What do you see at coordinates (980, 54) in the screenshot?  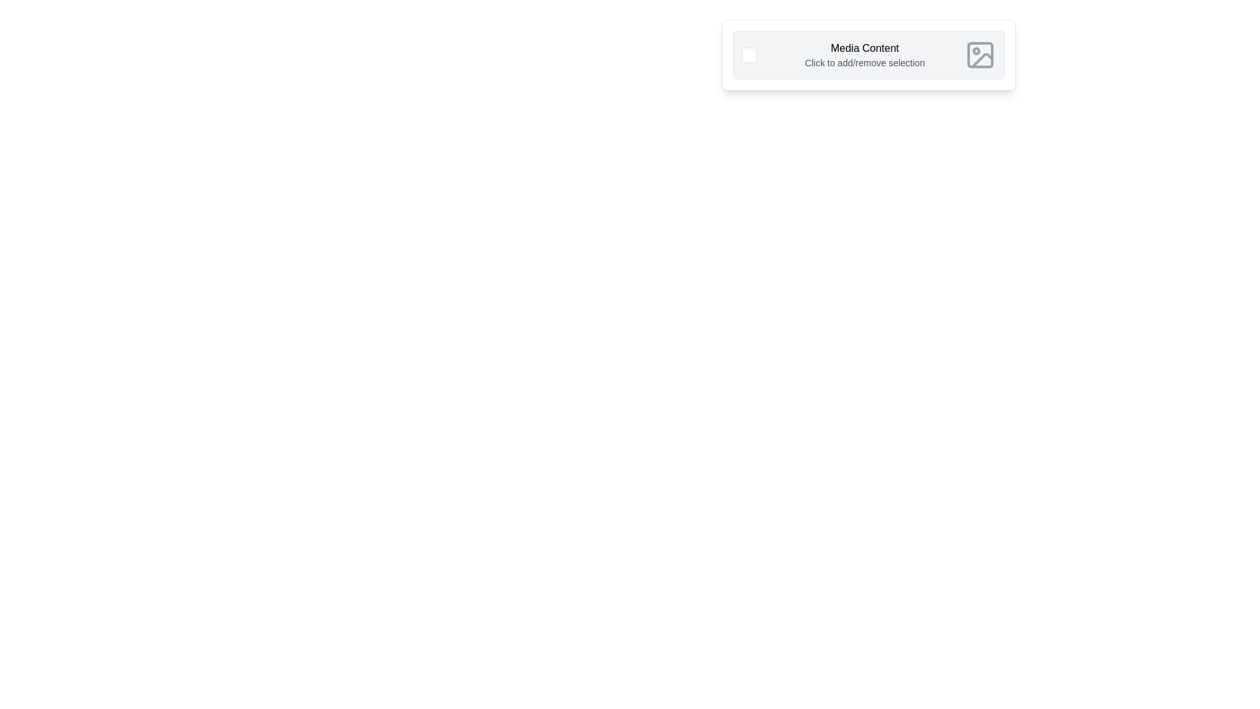 I see `the rectangular icon with rounded corners located at the top-right corner of the 'Media Content' panel` at bounding box center [980, 54].